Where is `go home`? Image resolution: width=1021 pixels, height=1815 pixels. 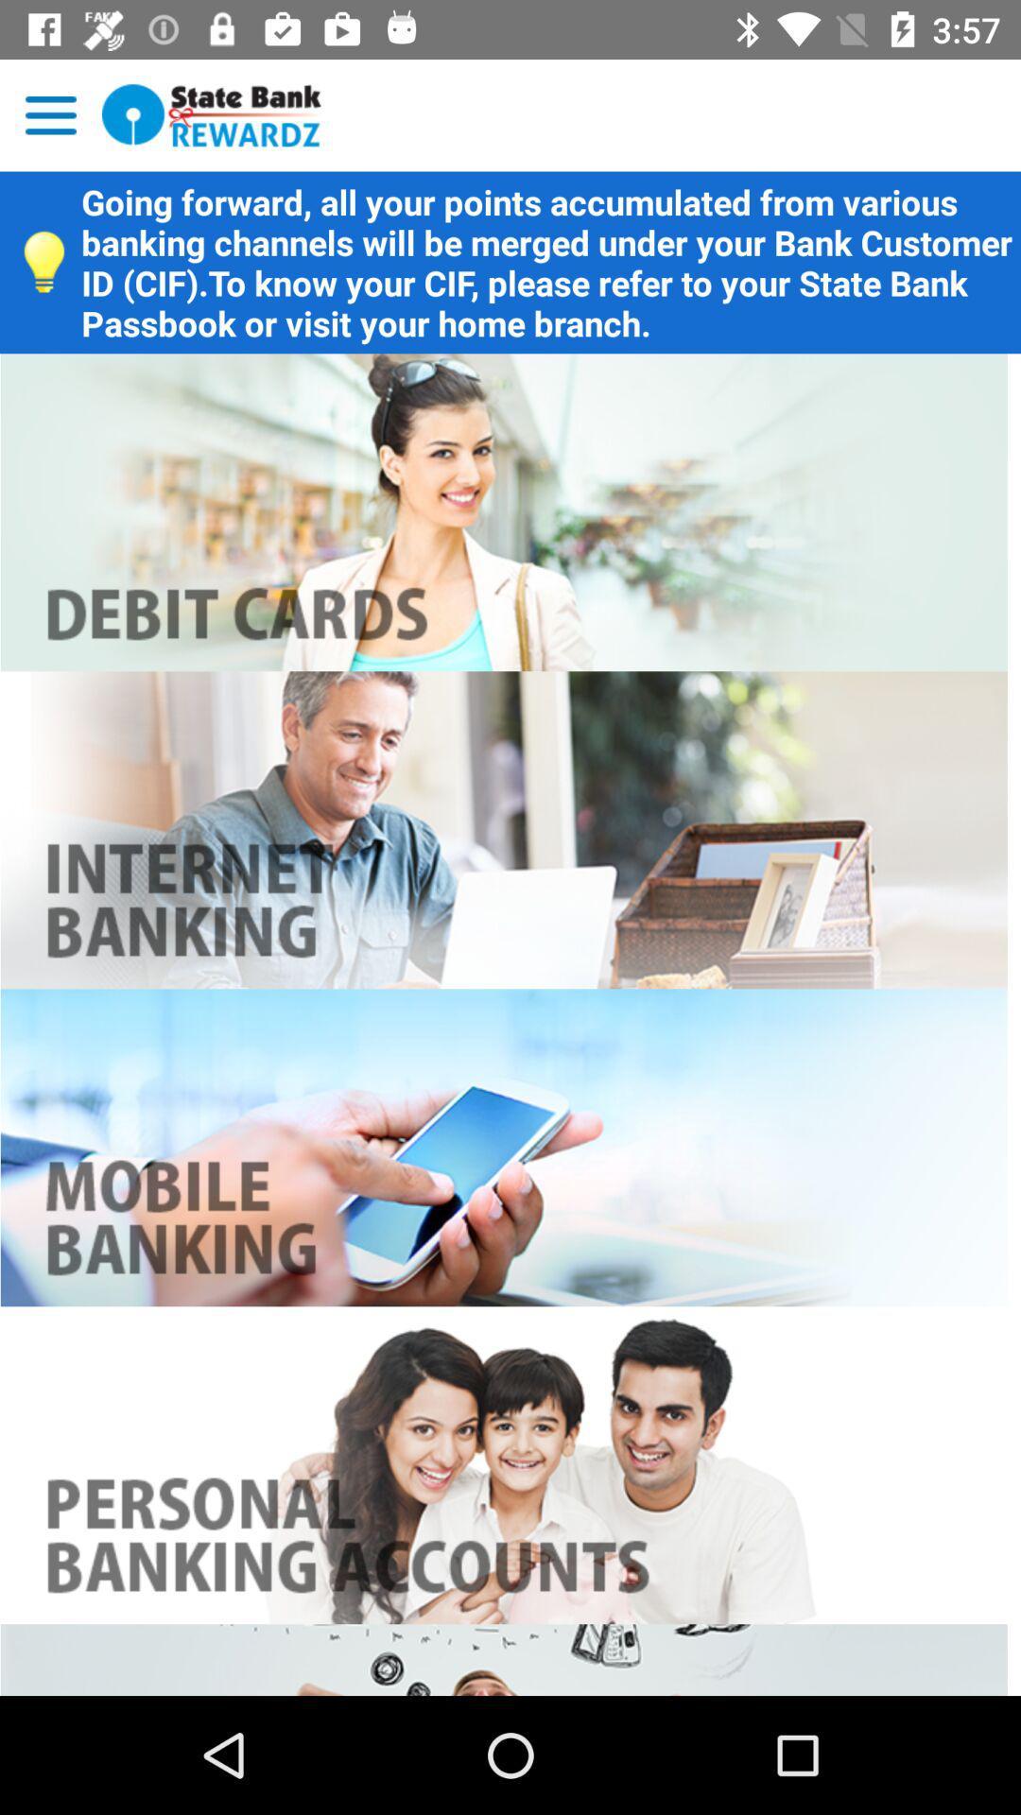 go home is located at coordinates (212, 114).